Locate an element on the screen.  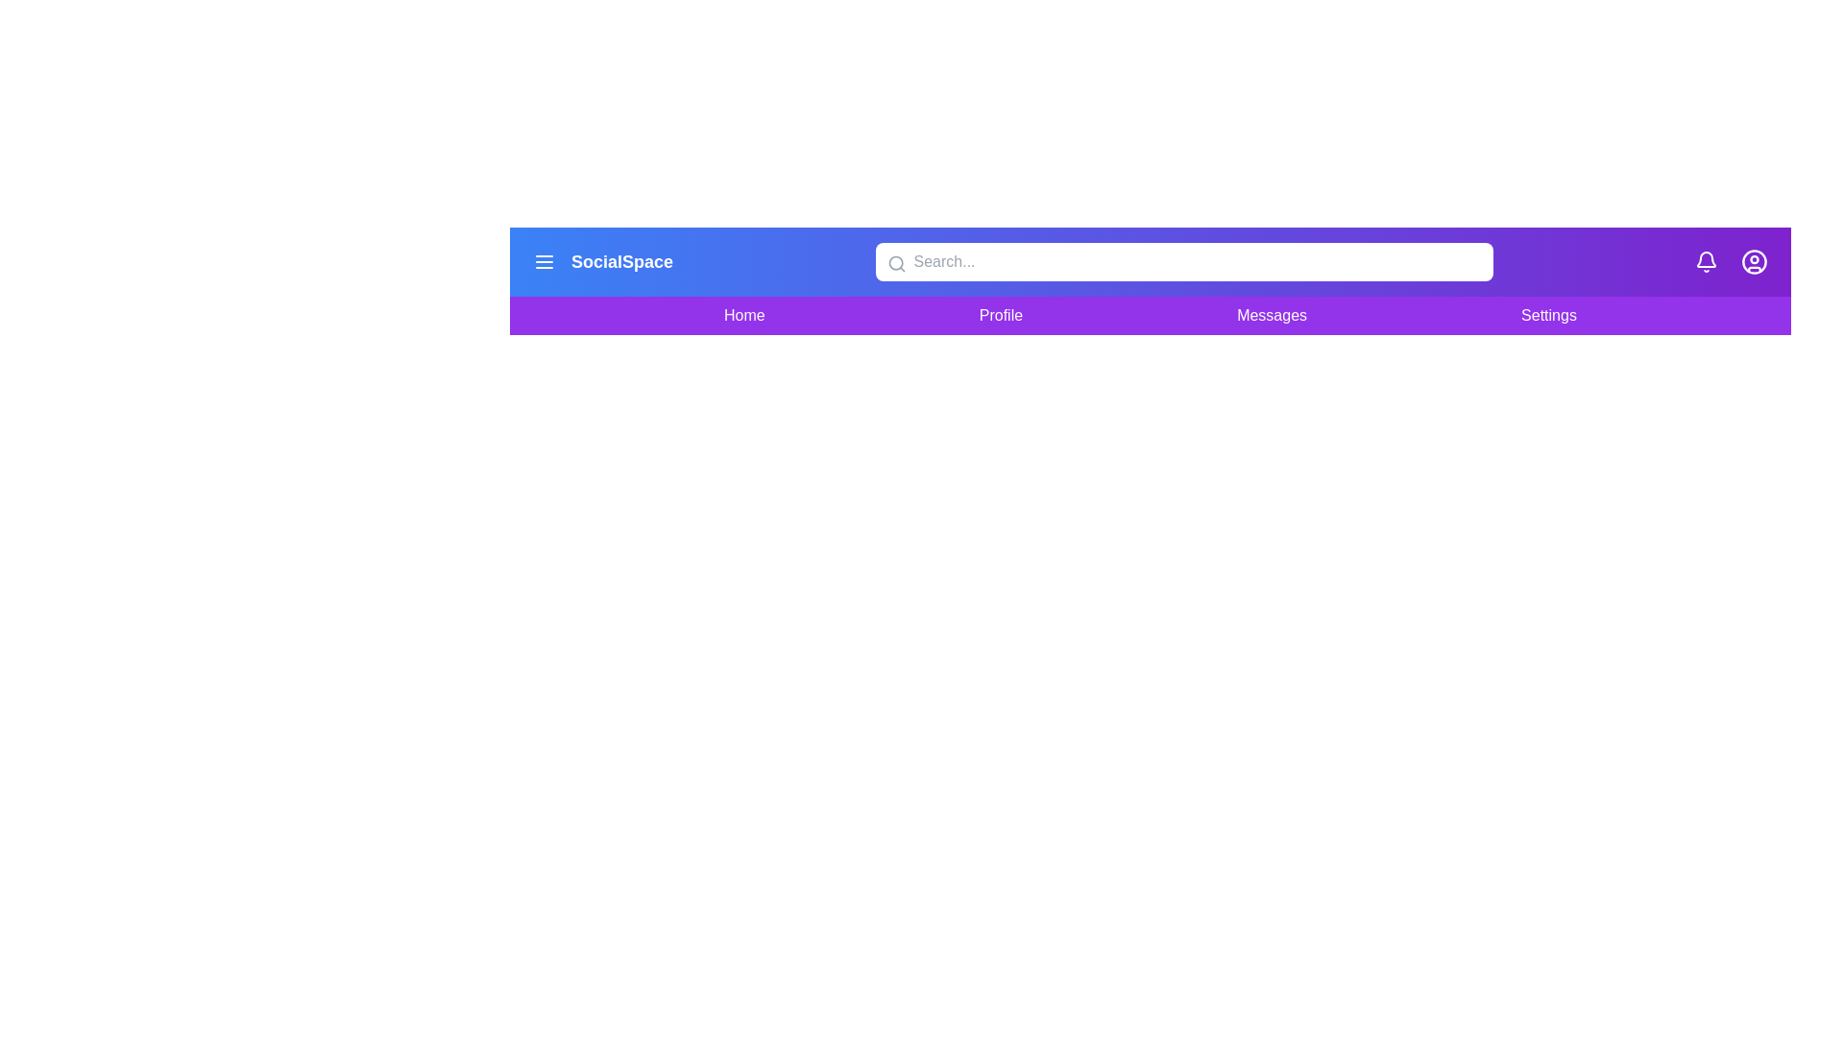
the navigation link Messages to observe visual feedback is located at coordinates (1272, 314).